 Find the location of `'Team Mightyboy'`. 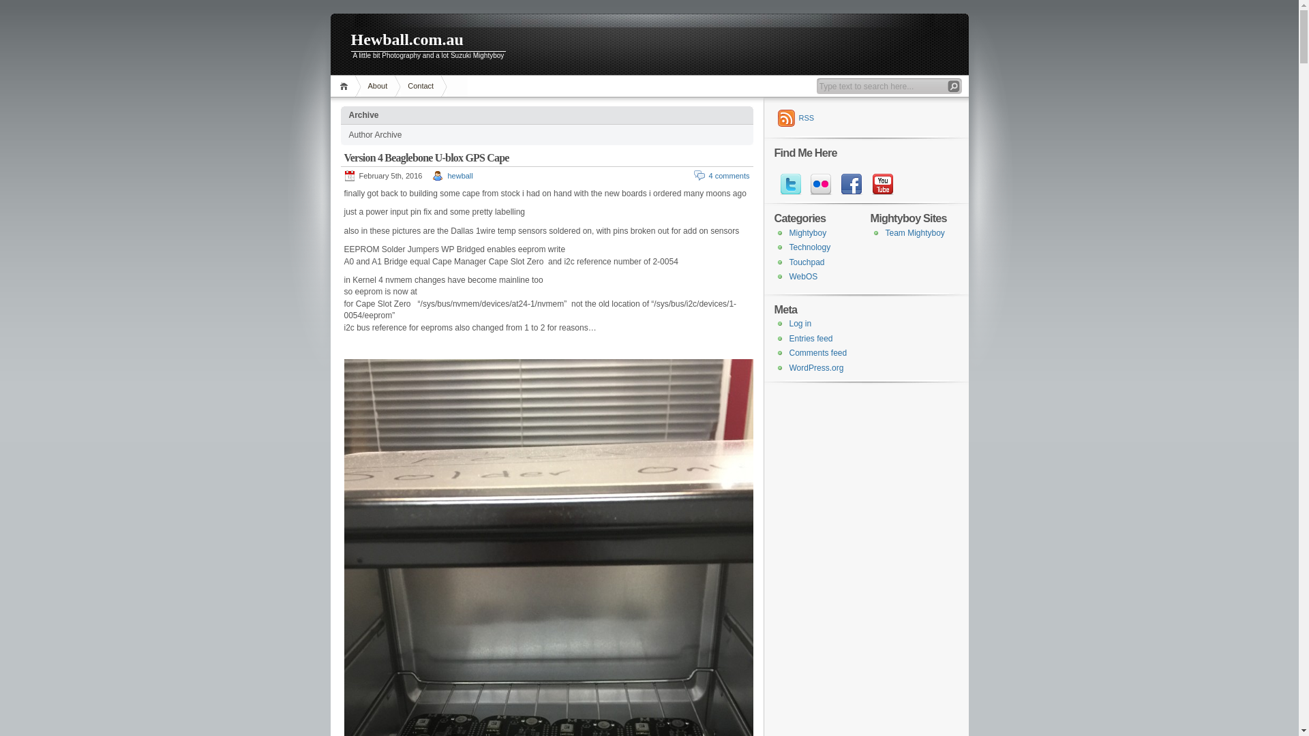

'Team Mightyboy' is located at coordinates (884, 232).